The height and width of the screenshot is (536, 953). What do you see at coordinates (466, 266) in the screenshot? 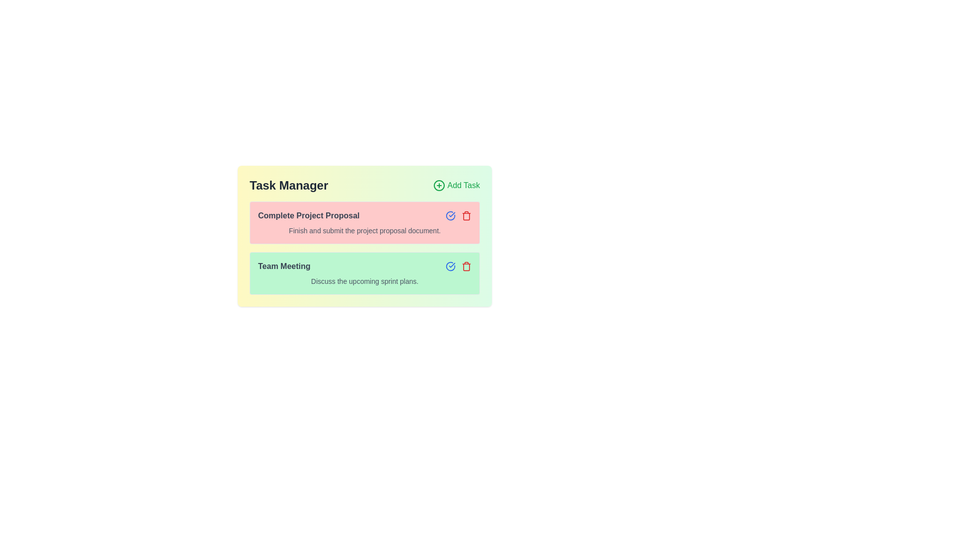
I see `the red trash icon button located in the action icons group for the 'Complete Project Proposal' task` at bounding box center [466, 266].